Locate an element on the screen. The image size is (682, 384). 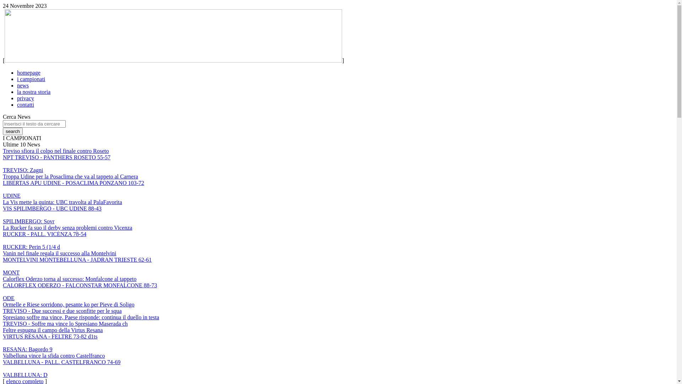
'Treviso sfiora il colpo nel finale contro Roseto' is located at coordinates (55, 150).